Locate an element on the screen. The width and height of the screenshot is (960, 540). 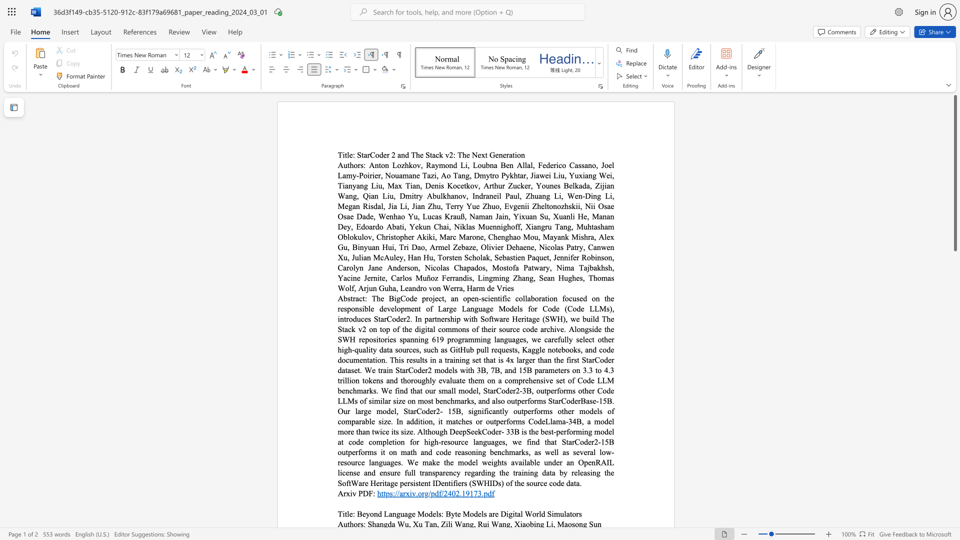
the 8th character "m" in the text is located at coordinates (440, 247).